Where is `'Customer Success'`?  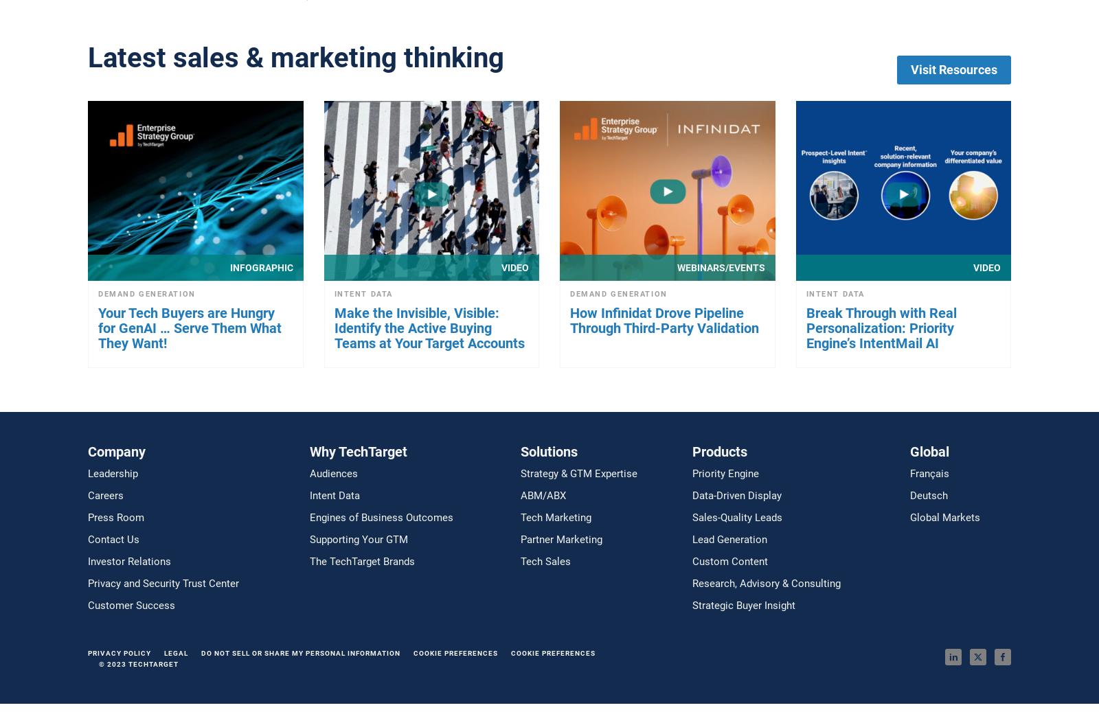
'Customer Success' is located at coordinates (131, 605).